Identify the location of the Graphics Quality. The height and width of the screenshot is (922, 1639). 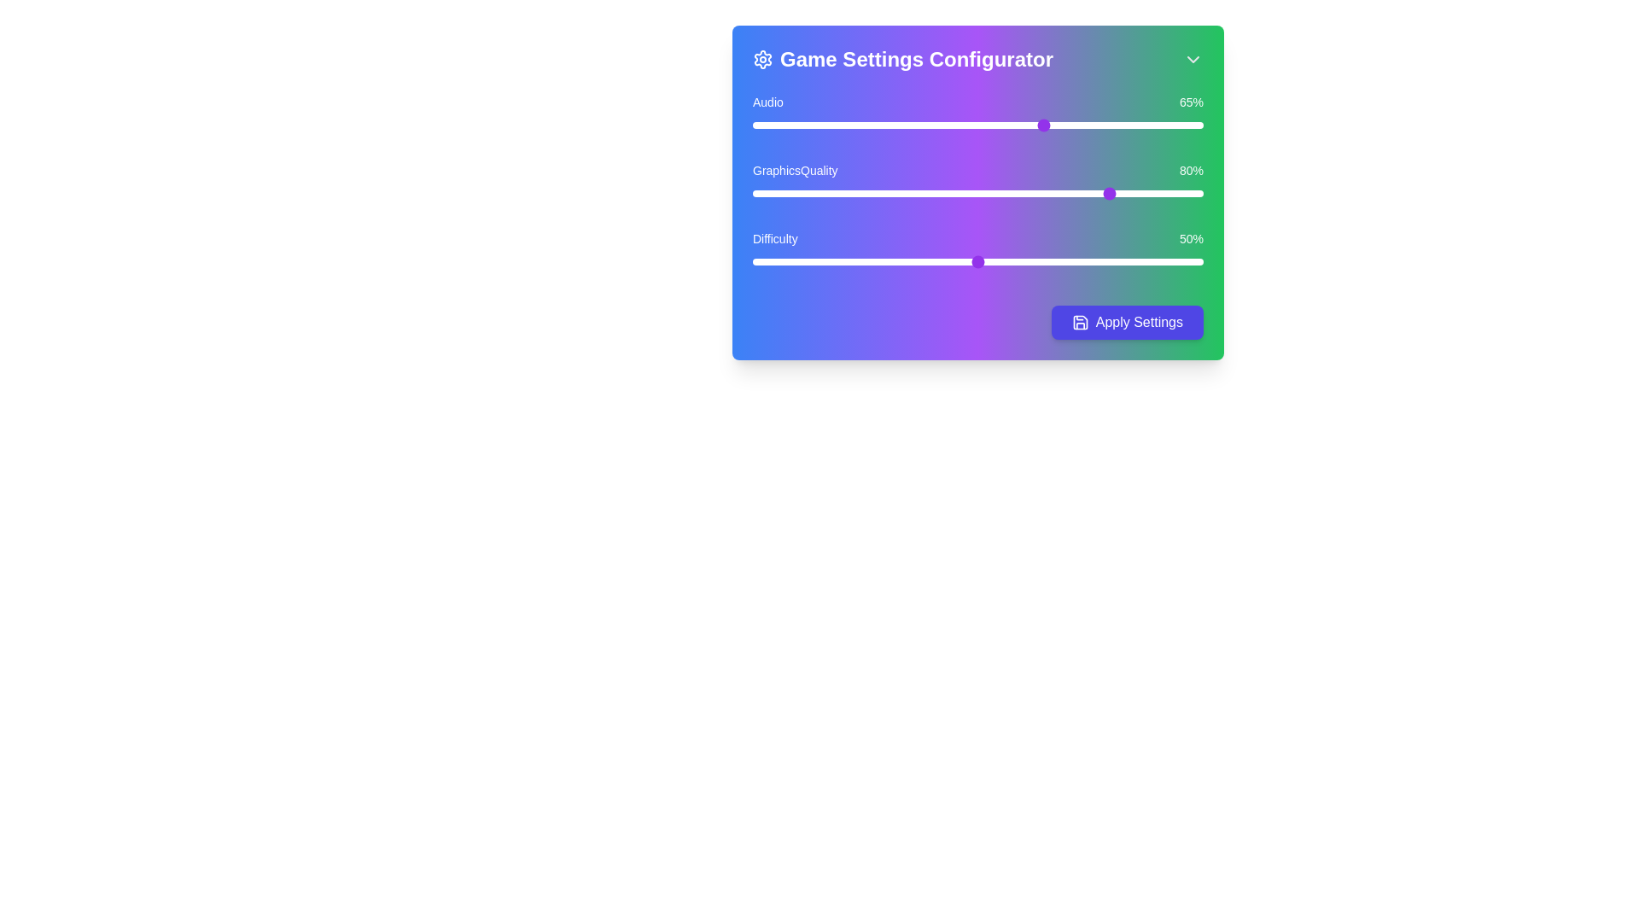
(1005, 193).